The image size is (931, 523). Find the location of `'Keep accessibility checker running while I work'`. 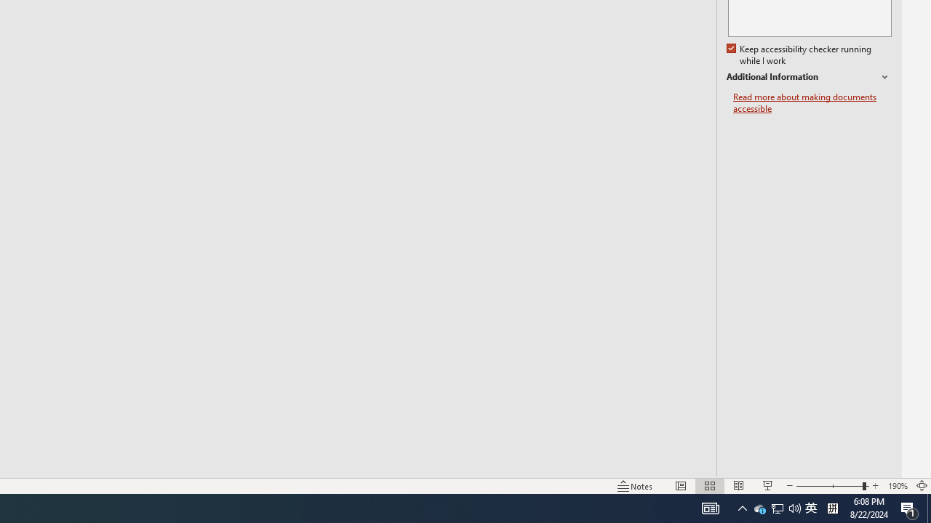

'Keep accessibility checker running while I work' is located at coordinates (799, 54).